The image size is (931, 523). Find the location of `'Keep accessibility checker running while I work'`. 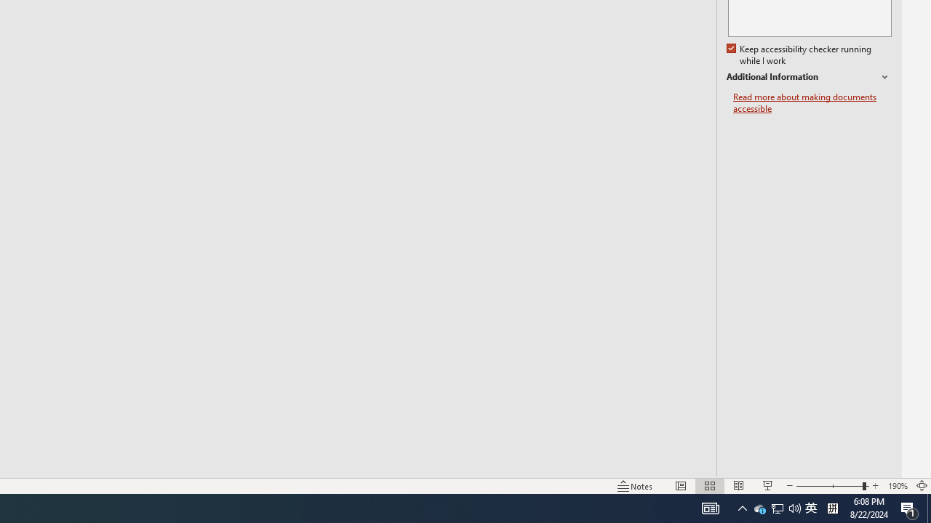

'Keep accessibility checker running while I work' is located at coordinates (799, 54).